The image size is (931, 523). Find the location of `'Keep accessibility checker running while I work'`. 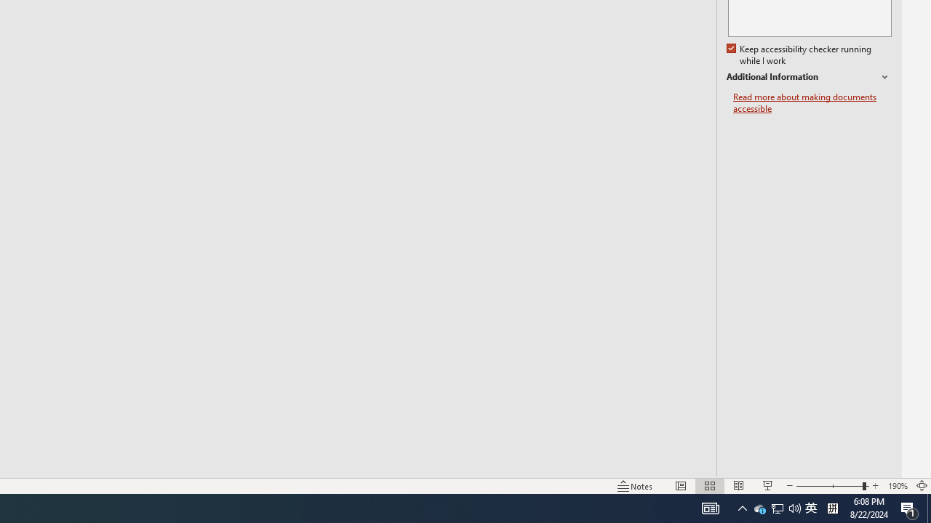

'Keep accessibility checker running while I work' is located at coordinates (799, 54).